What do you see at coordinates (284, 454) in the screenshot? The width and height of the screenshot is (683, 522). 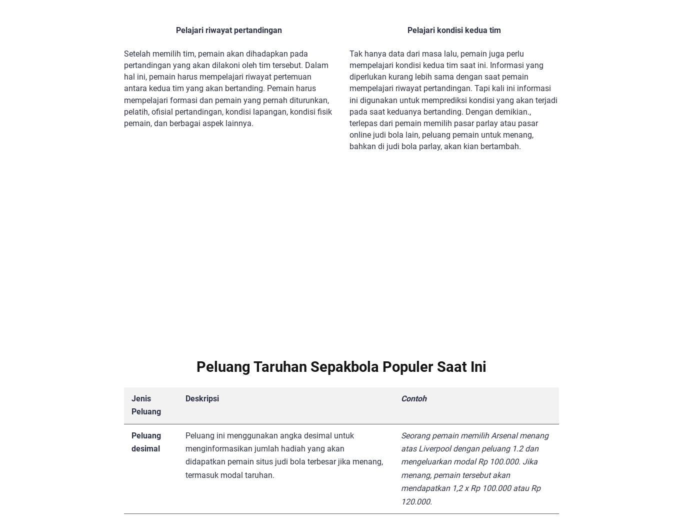 I see `'Peluang ini menggunakan angka desimal untuk menginformasikan jumlah hadiah yang akan didapatkan pemain situs judi bola terbesar jika menang, termasuk modal taruhan.'` at bounding box center [284, 454].